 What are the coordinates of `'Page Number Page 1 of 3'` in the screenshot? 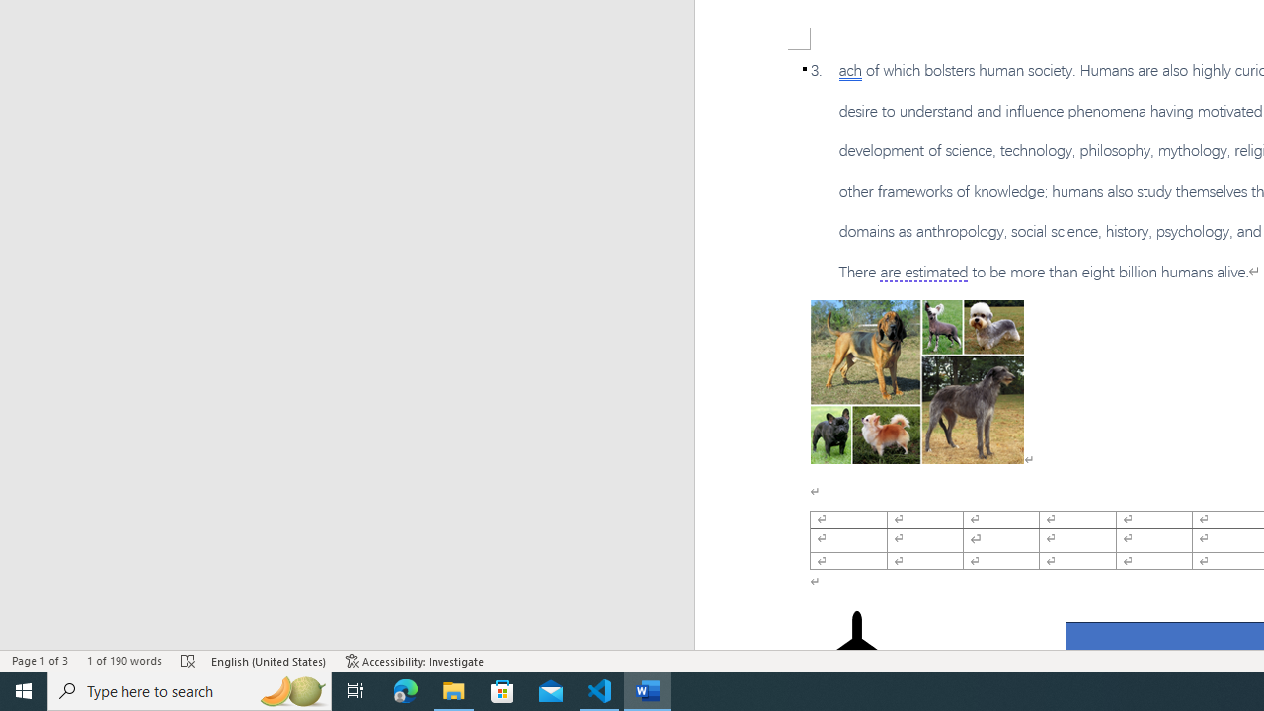 It's located at (39, 661).